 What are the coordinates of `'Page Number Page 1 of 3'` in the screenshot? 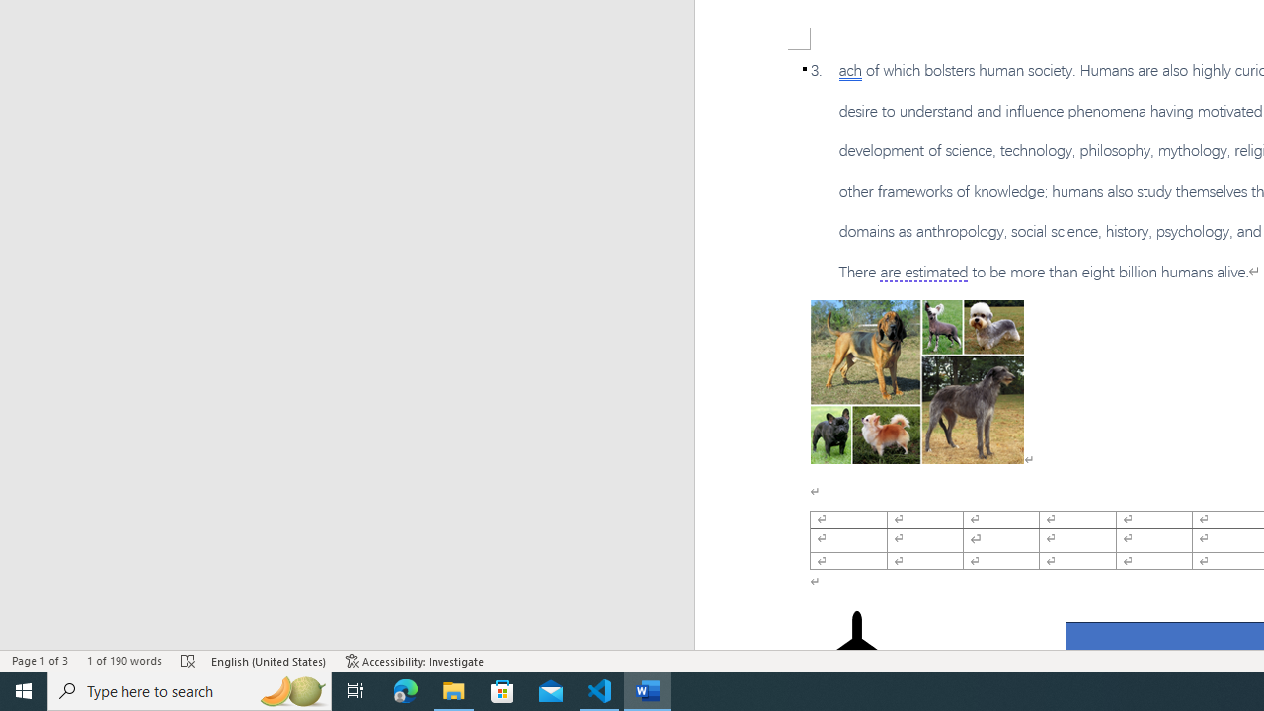 It's located at (39, 661).